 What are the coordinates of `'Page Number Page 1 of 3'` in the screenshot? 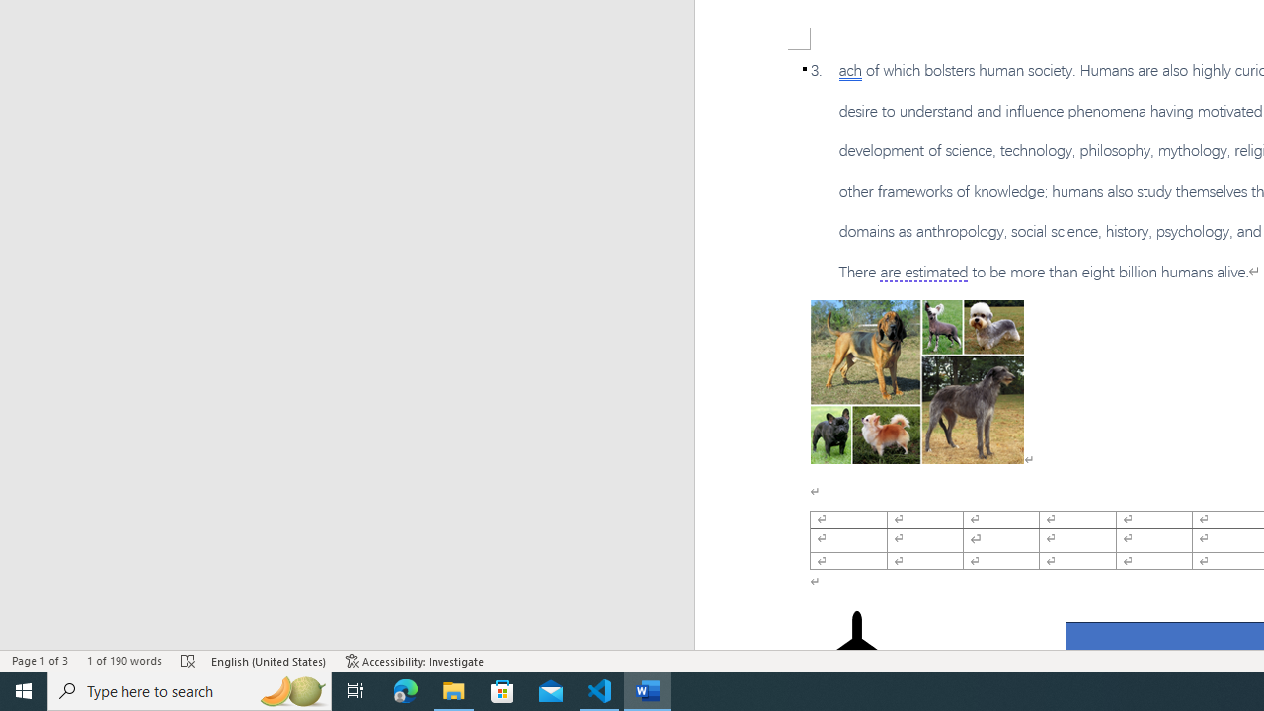 It's located at (39, 661).